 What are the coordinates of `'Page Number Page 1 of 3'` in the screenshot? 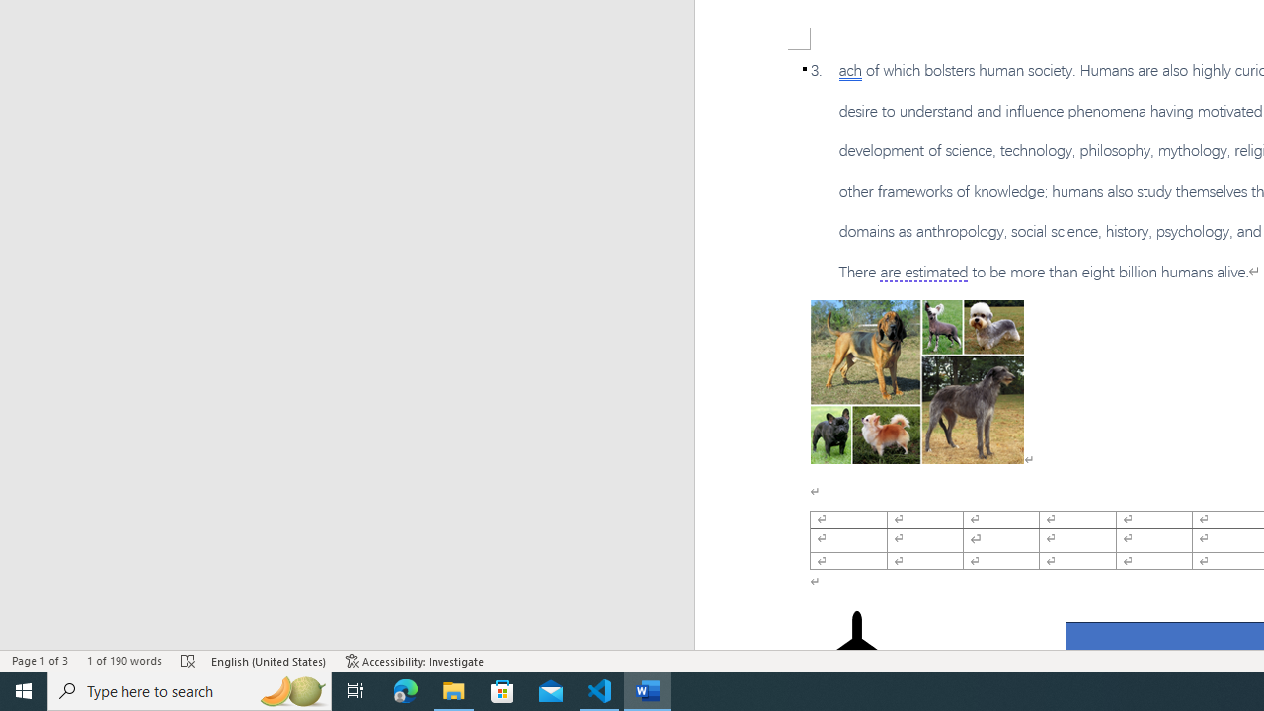 It's located at (39, 661).